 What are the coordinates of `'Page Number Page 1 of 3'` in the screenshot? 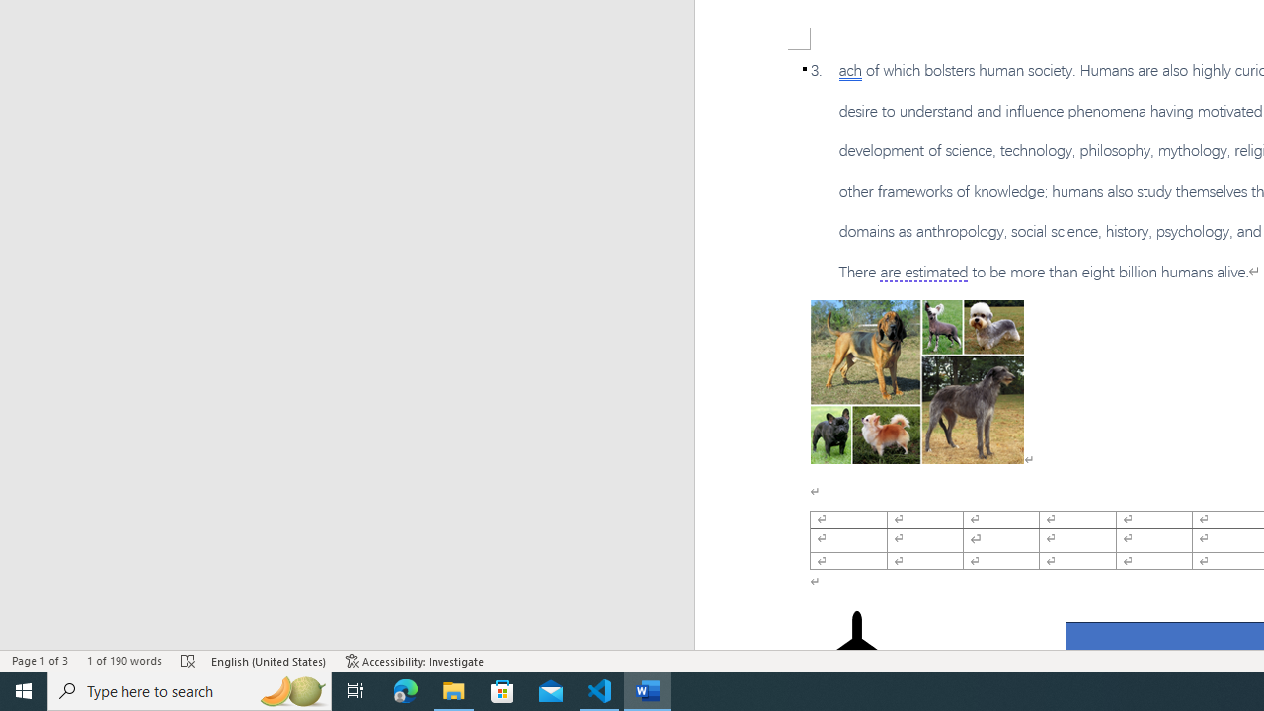 It's located at (39, 661).